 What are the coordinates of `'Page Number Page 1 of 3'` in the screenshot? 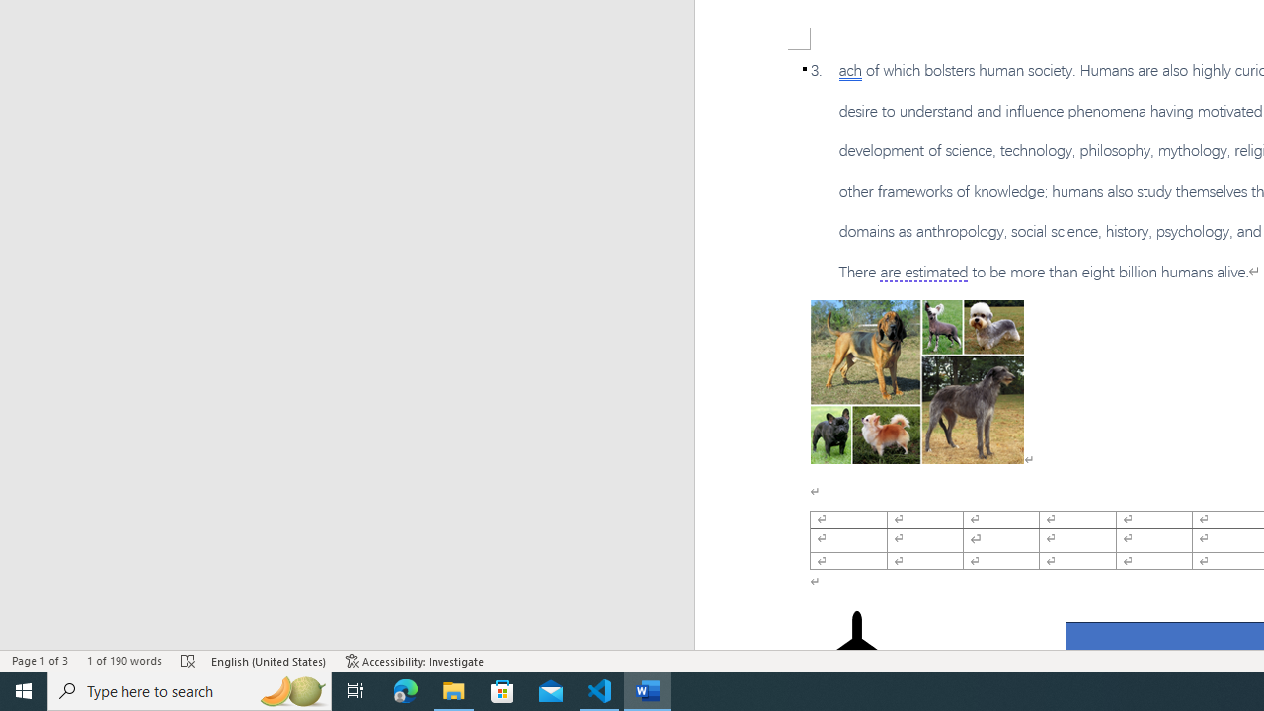 It's located at (39, 661).